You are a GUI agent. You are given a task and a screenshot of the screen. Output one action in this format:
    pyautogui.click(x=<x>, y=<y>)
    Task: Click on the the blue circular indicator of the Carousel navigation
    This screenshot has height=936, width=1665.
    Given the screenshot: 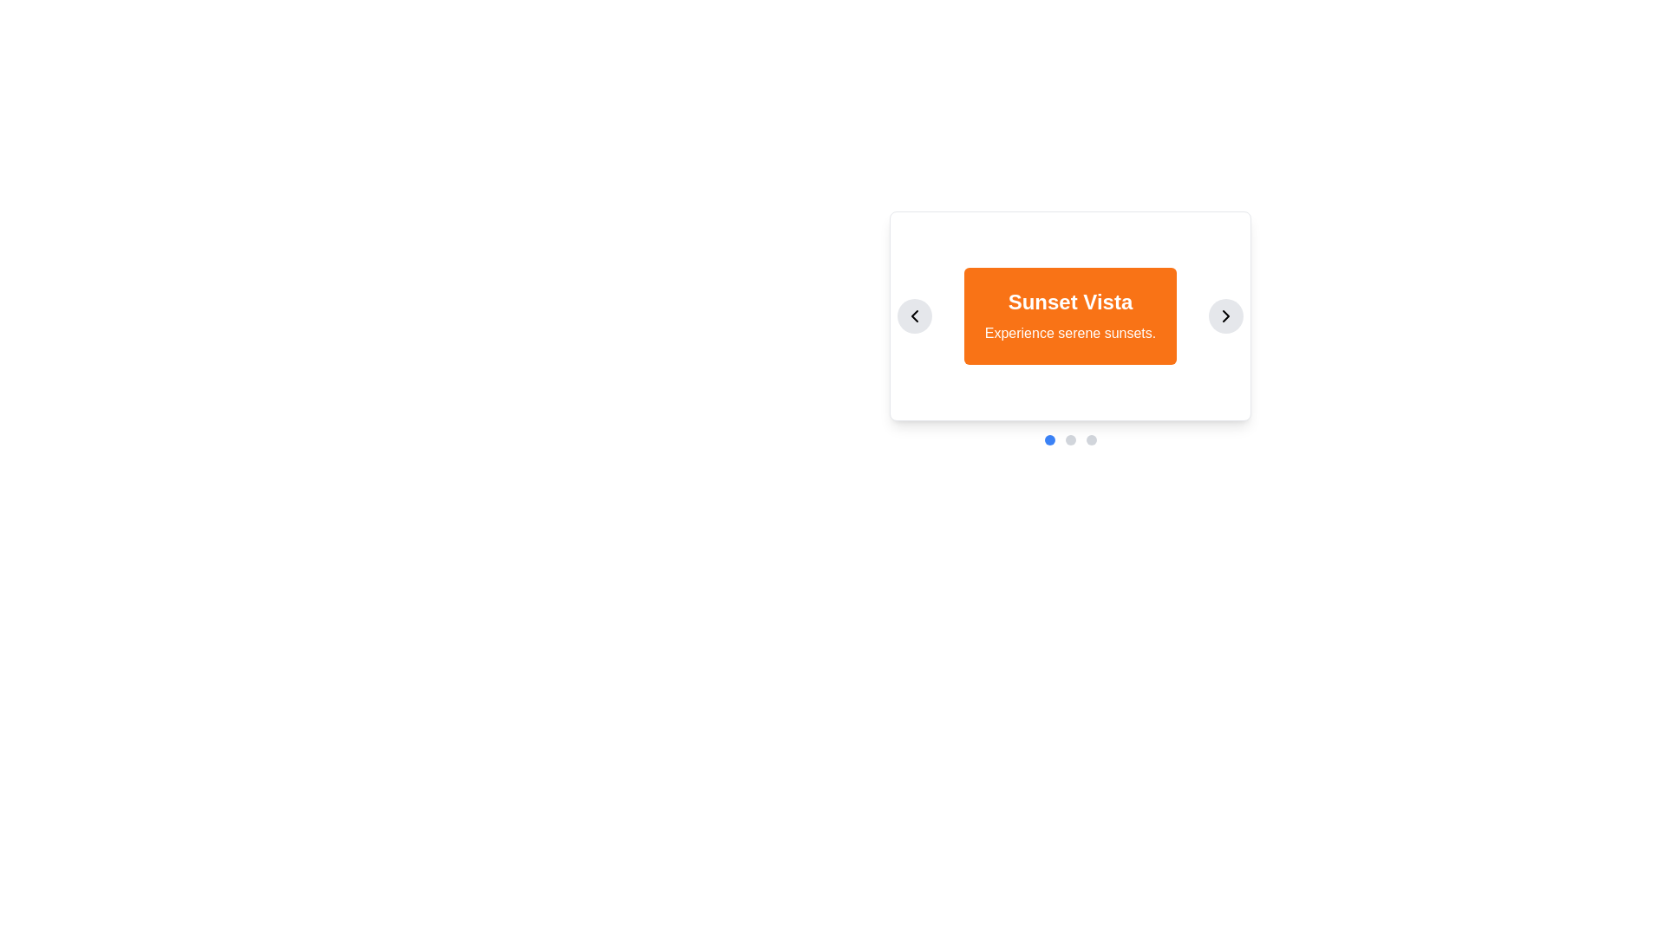 What is the action you would take?
    pyautogui.click(x=1069, y=439)
    